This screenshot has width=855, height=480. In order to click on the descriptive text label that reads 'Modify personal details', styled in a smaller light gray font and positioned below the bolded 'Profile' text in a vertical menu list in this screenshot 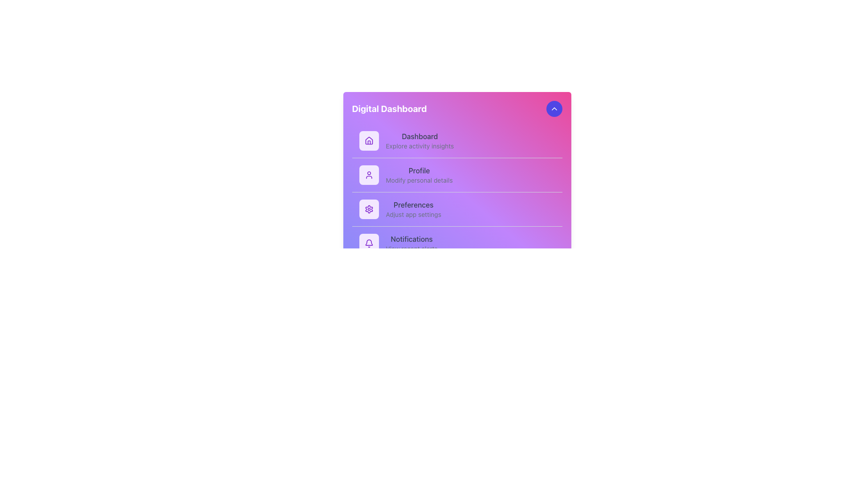, I will do `click(419, 180)`.